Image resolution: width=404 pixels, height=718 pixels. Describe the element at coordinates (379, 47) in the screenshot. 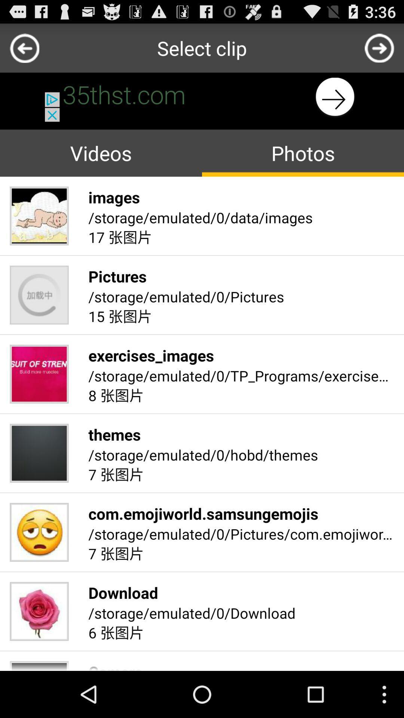

I see `shows the next option` at that location.